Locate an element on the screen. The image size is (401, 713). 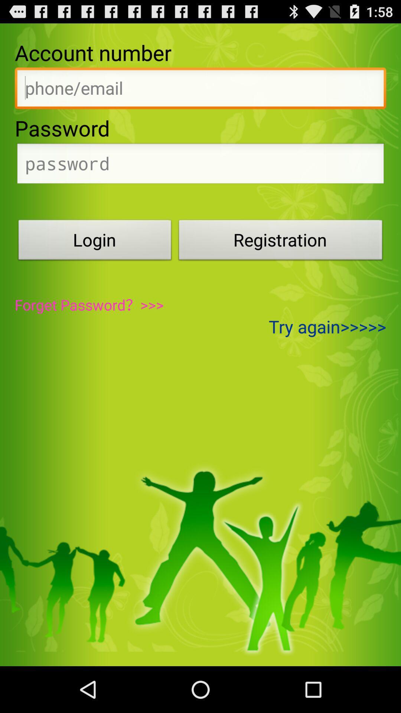
the item next to try again>>>>> item is located at coordinates (89, 305).